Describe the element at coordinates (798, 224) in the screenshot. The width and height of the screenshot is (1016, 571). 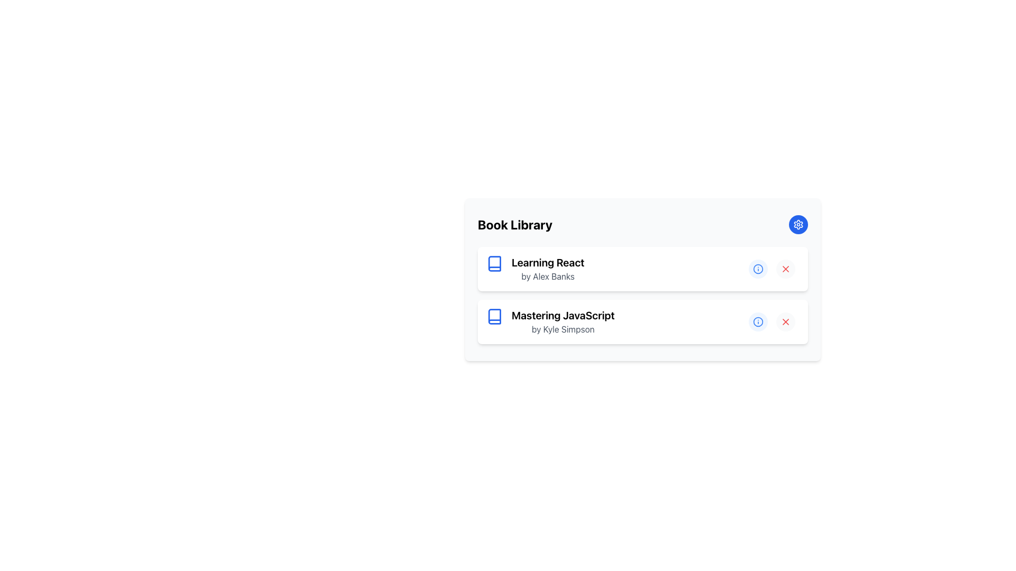
I see `the circular blue settings button with a white gear icon located in the top-right corner of the 'Book Library' section` at that location.